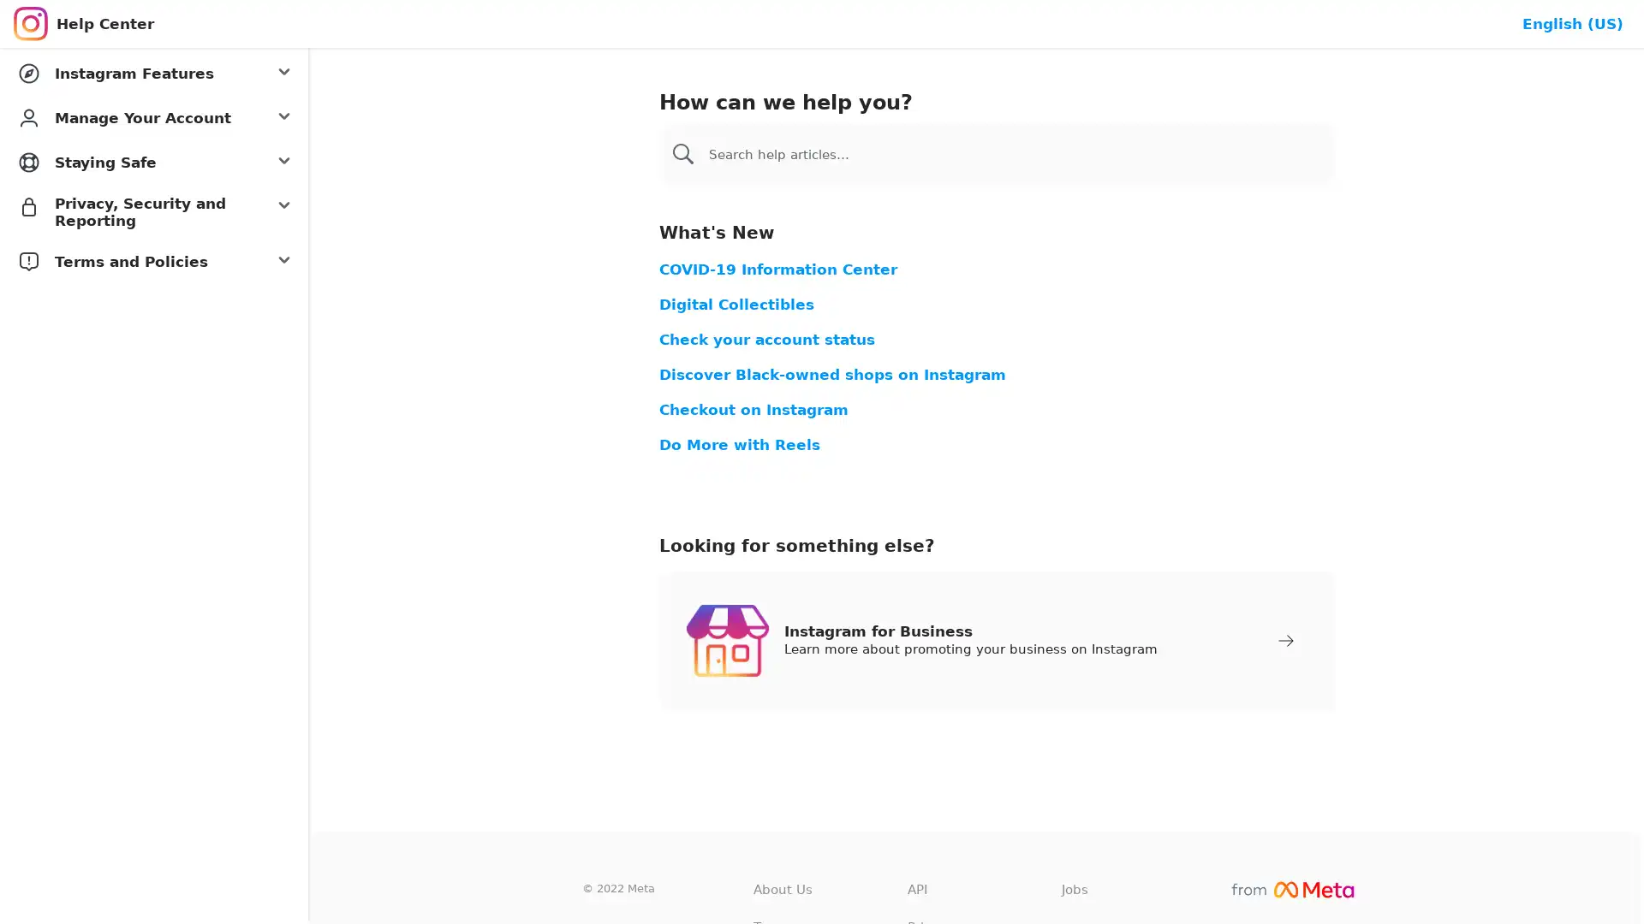  Describe the element at coordinates (154, 72) in the screenshot. I see `Instagram Features` at that location.